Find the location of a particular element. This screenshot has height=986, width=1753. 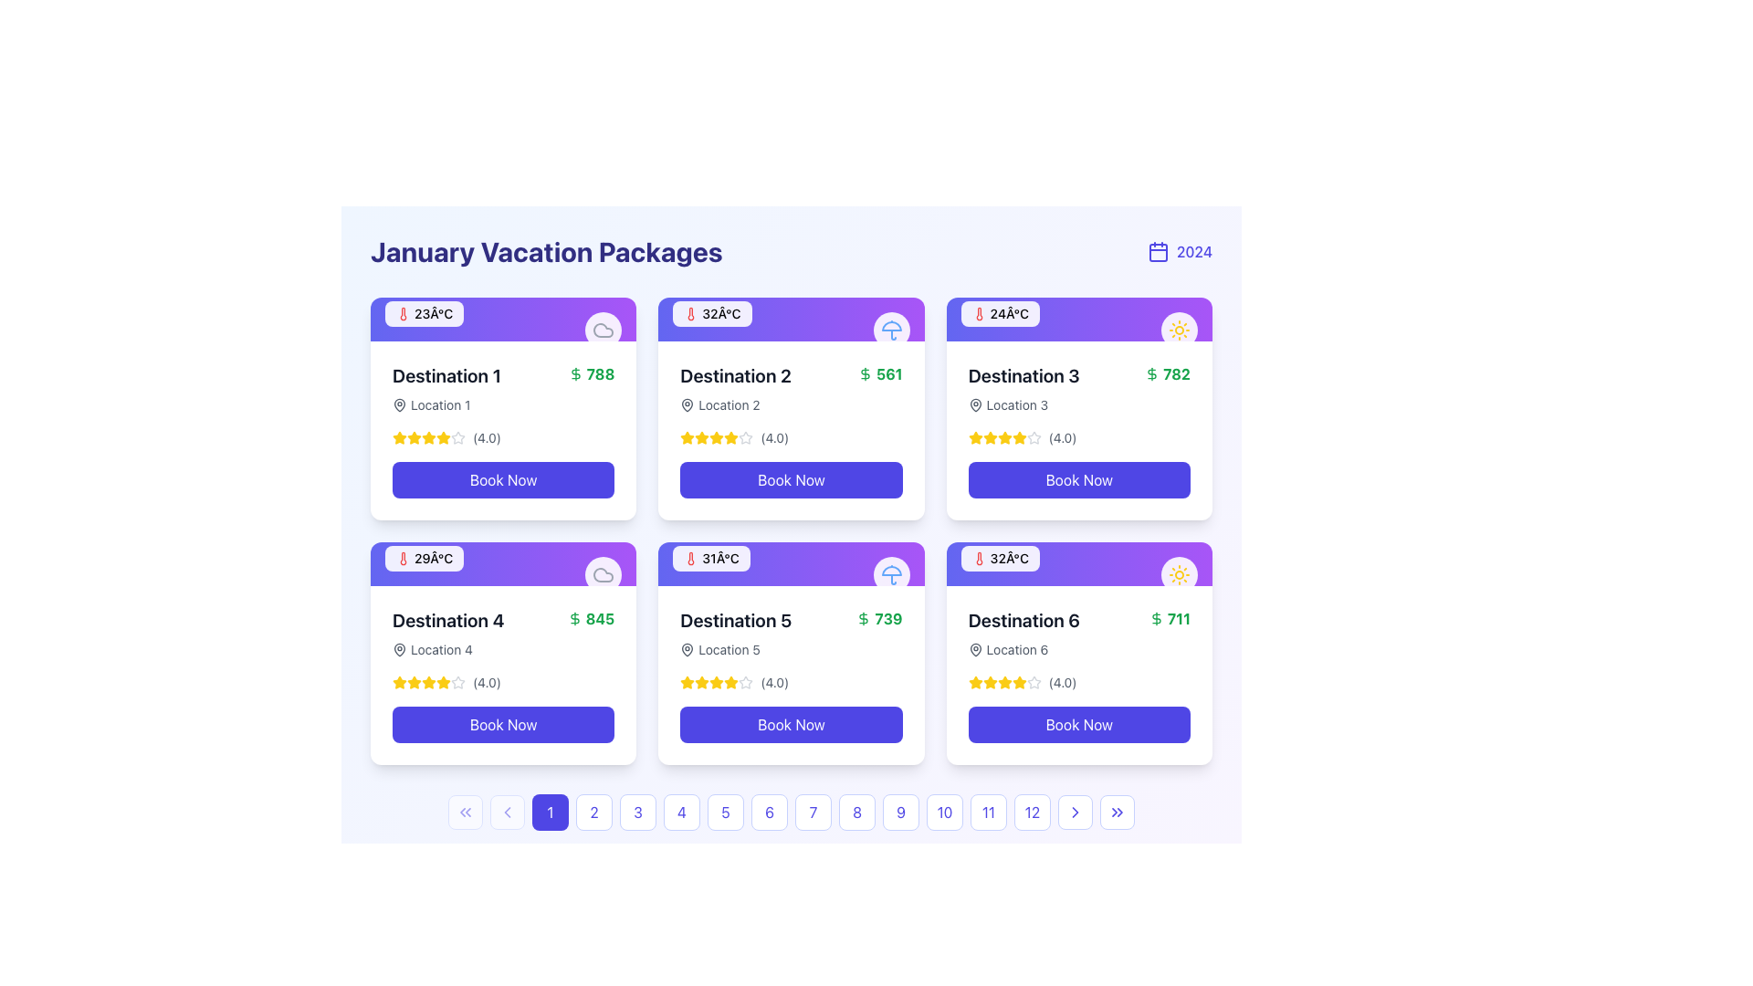

the circular IconButton with a white background and light blue umbrella icon located at the top-right corner of the 'Destination 5' card is located at coordinates (891, 573).